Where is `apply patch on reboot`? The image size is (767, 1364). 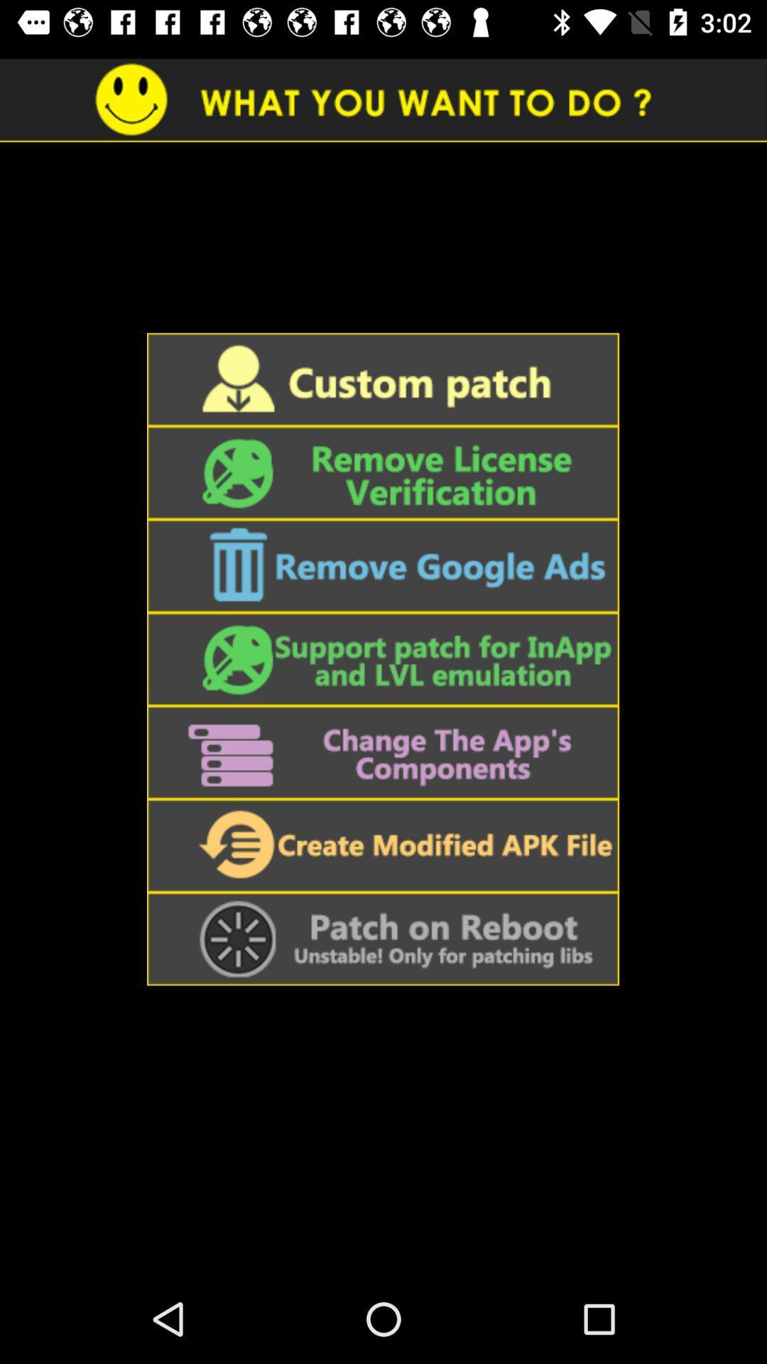 apply patch on reboot is located at coordinates (382, 938).